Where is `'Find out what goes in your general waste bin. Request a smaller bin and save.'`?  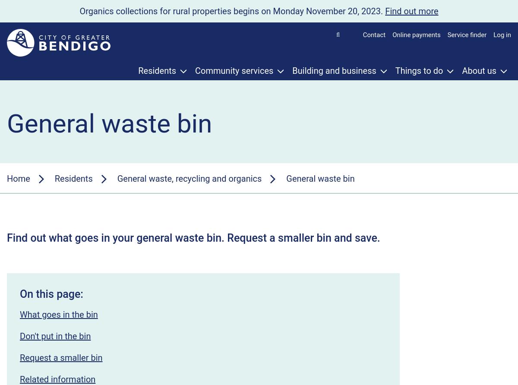
'Find out what goes in your general waste bin. Request a smaller bin and save.' is located at coordinates (193, 237).